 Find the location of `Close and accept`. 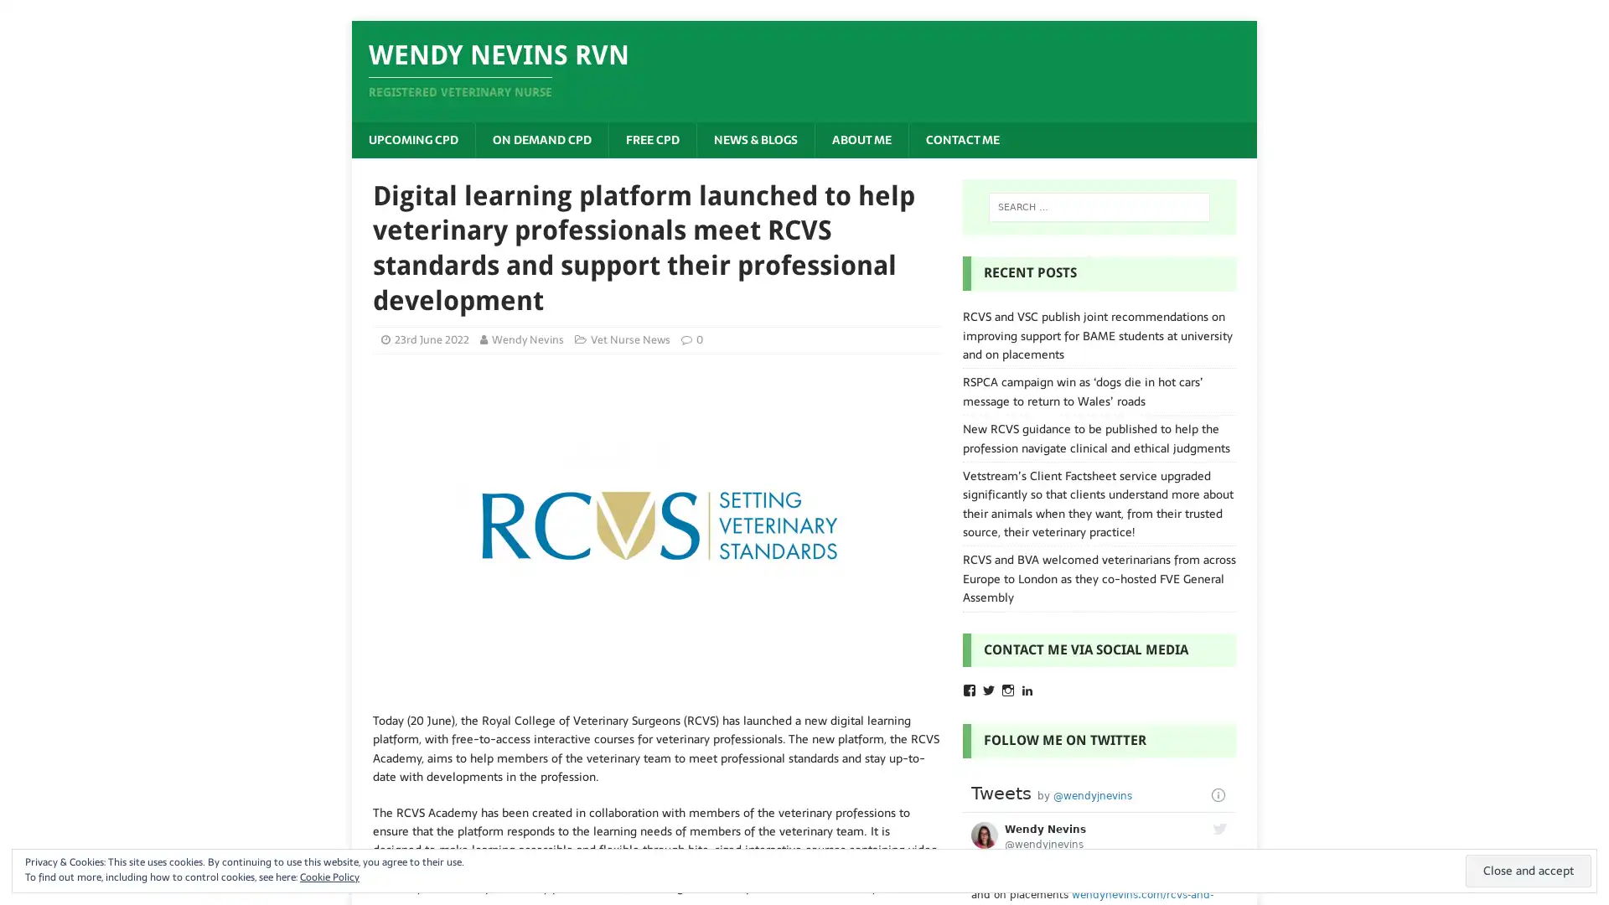

Close and accept is located at coordinates (1529, 870).